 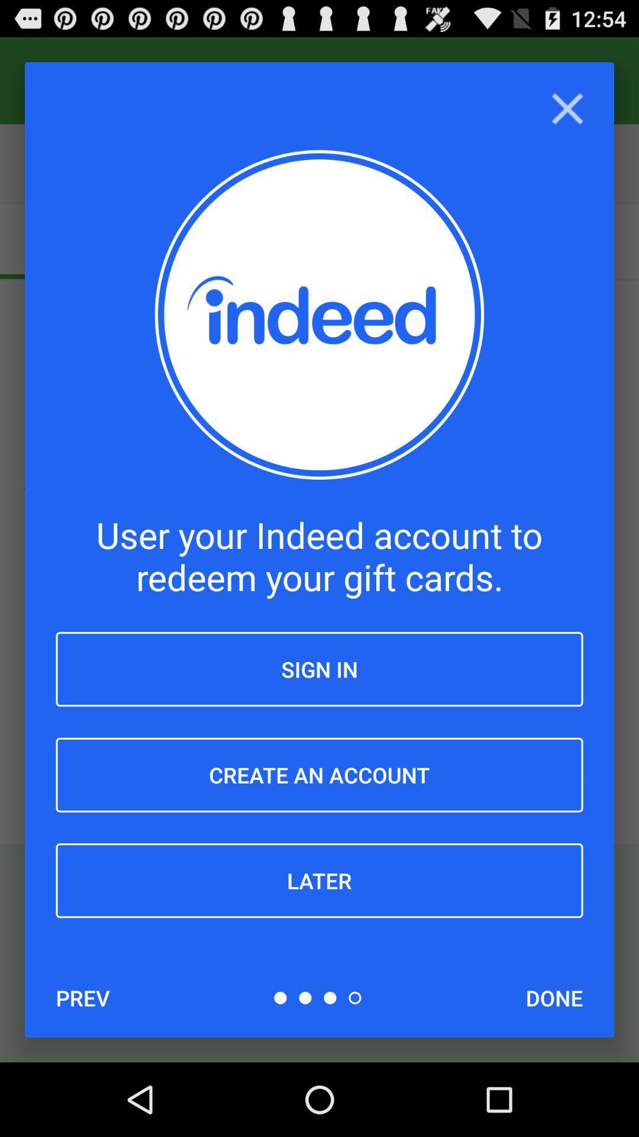 What do you see at coordinates (319, 669) in the screenshot?
I see `the icon below the user your indeed item` at bounding box center [319, 669].